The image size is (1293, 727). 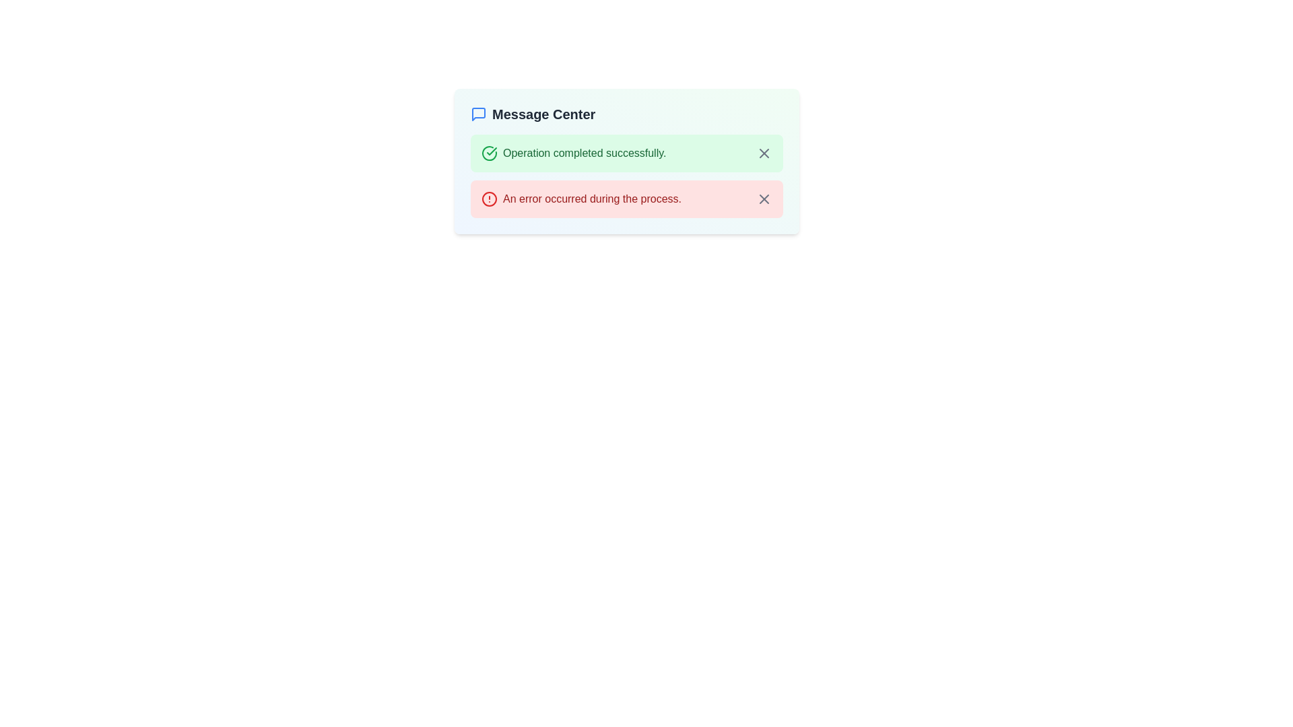 What do you see at coordinates (491, 151) in the screenshot?
I see `properties of the SVG graphical element representing a green checkmark, which indicates success in the Message Center interface` at bounding box center [491, 151].